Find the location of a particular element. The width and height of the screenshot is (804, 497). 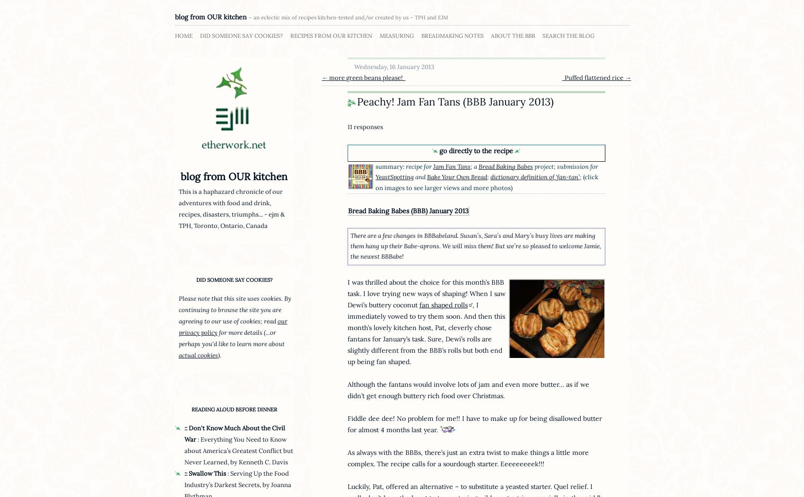

'did someone say cookies?' is located at coordinates (195, 279).